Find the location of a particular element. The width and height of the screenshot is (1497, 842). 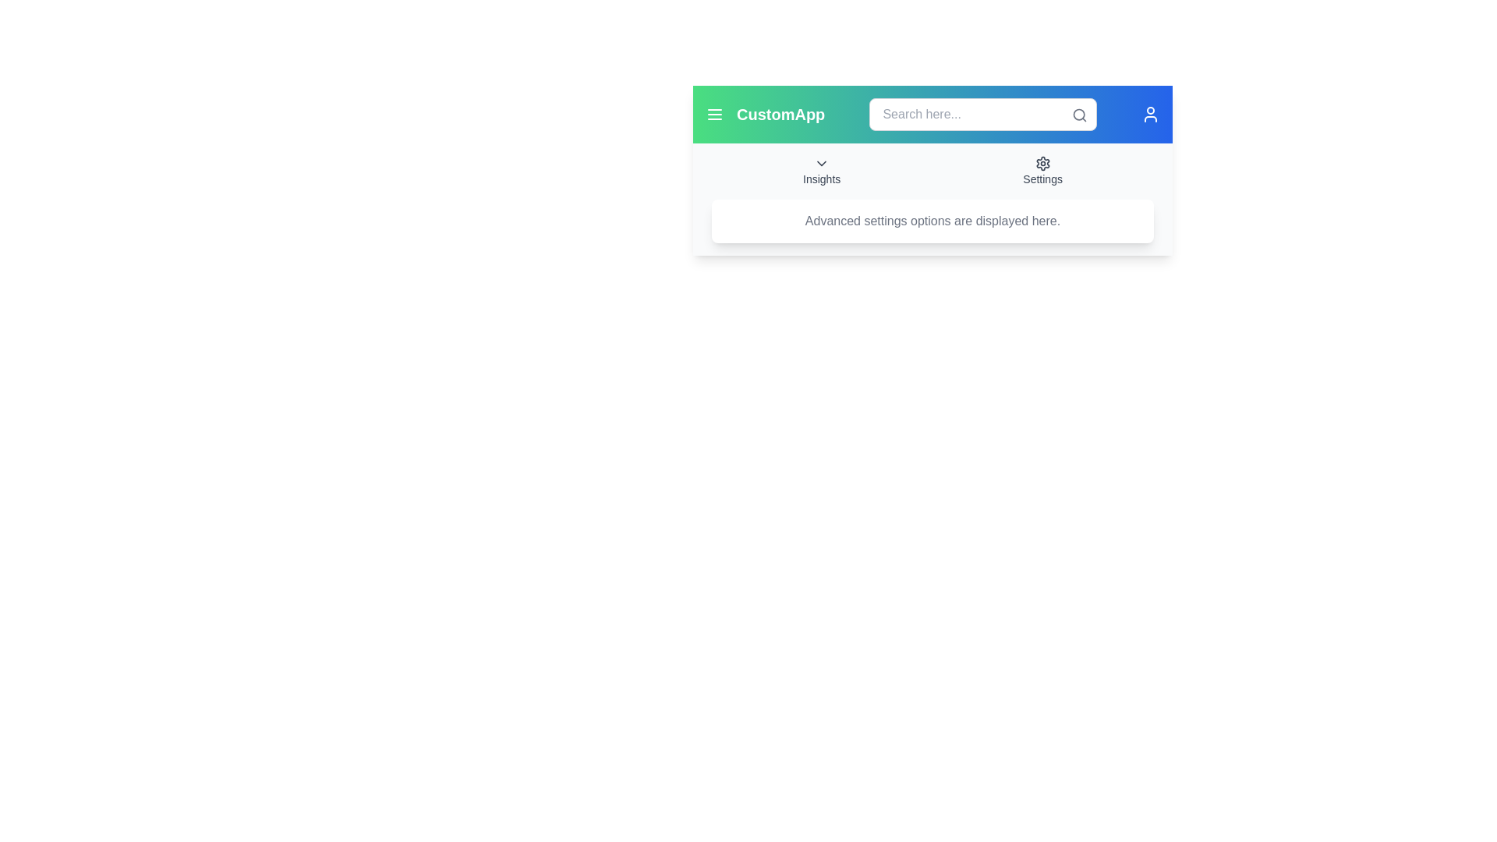

the Text label located in the center of the application header, which provides information about the current section being viewed is located at coordinates (821, 179).